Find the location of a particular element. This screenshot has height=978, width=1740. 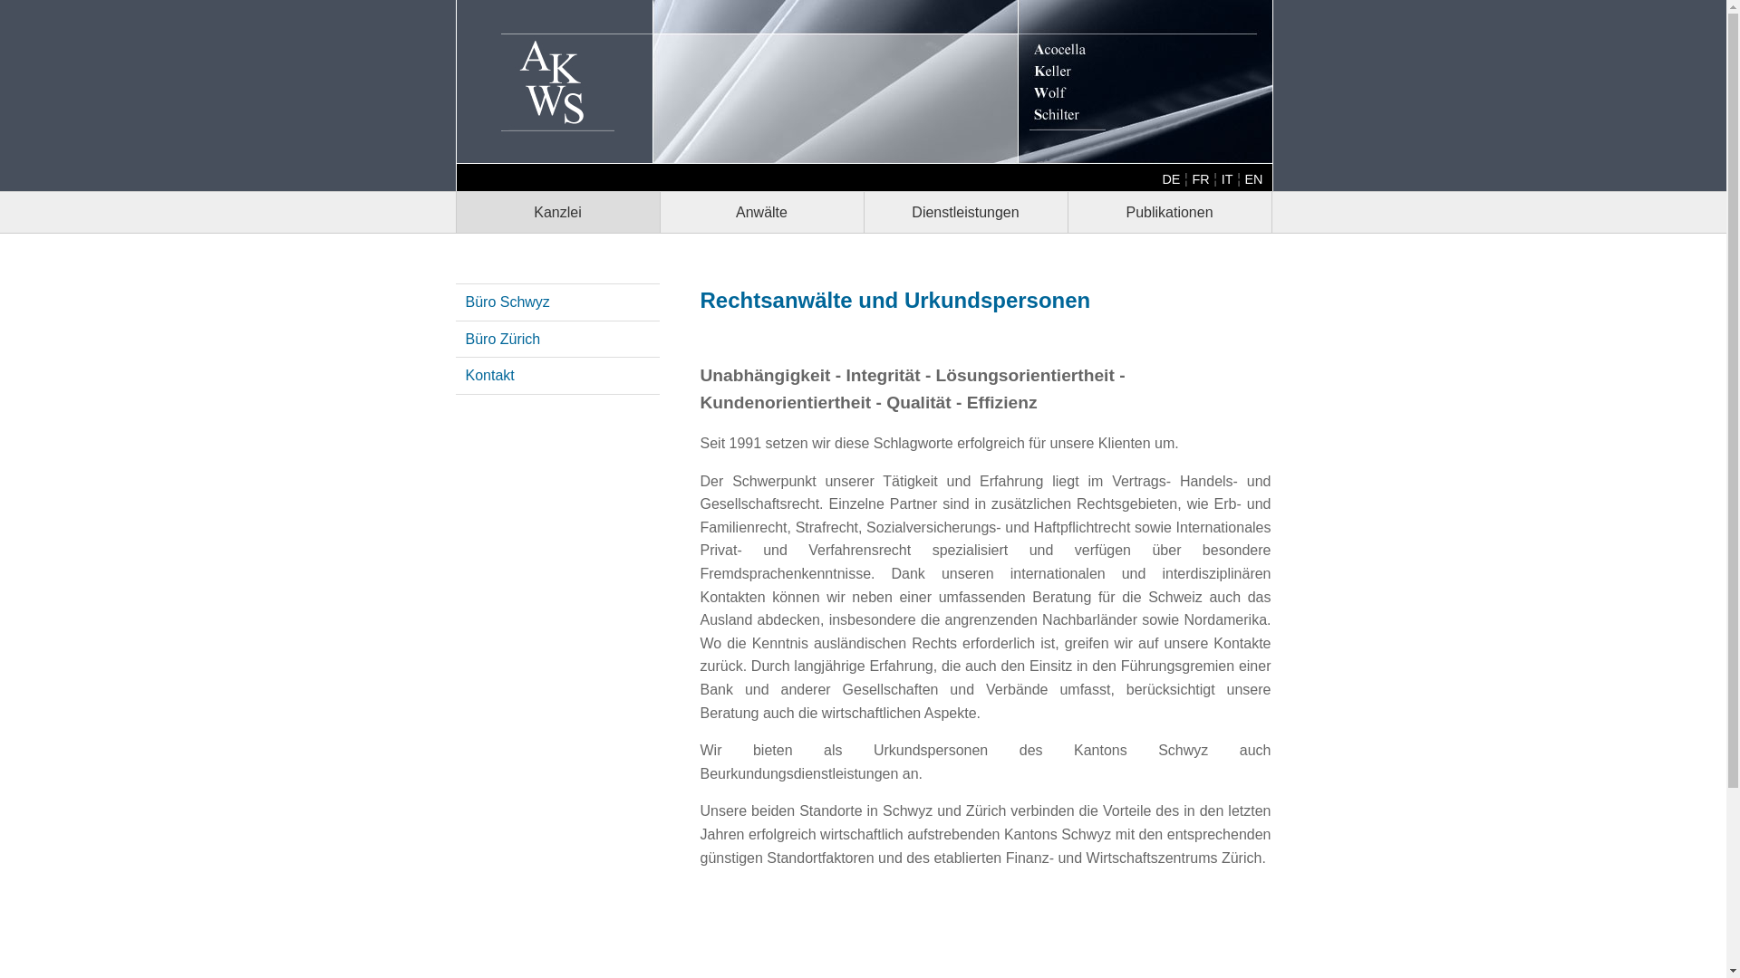

'Publikationen' is located at coordinates (1169, 212).